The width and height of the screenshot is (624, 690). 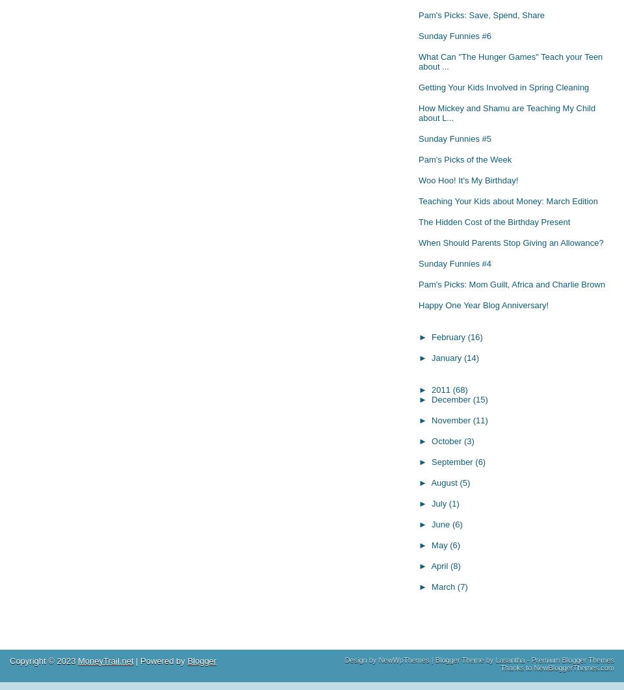 What do you see at coordinates (105, 659) in the screenshot?
I see `'MoneyTrail.net'` at bounding box center [105, 659].